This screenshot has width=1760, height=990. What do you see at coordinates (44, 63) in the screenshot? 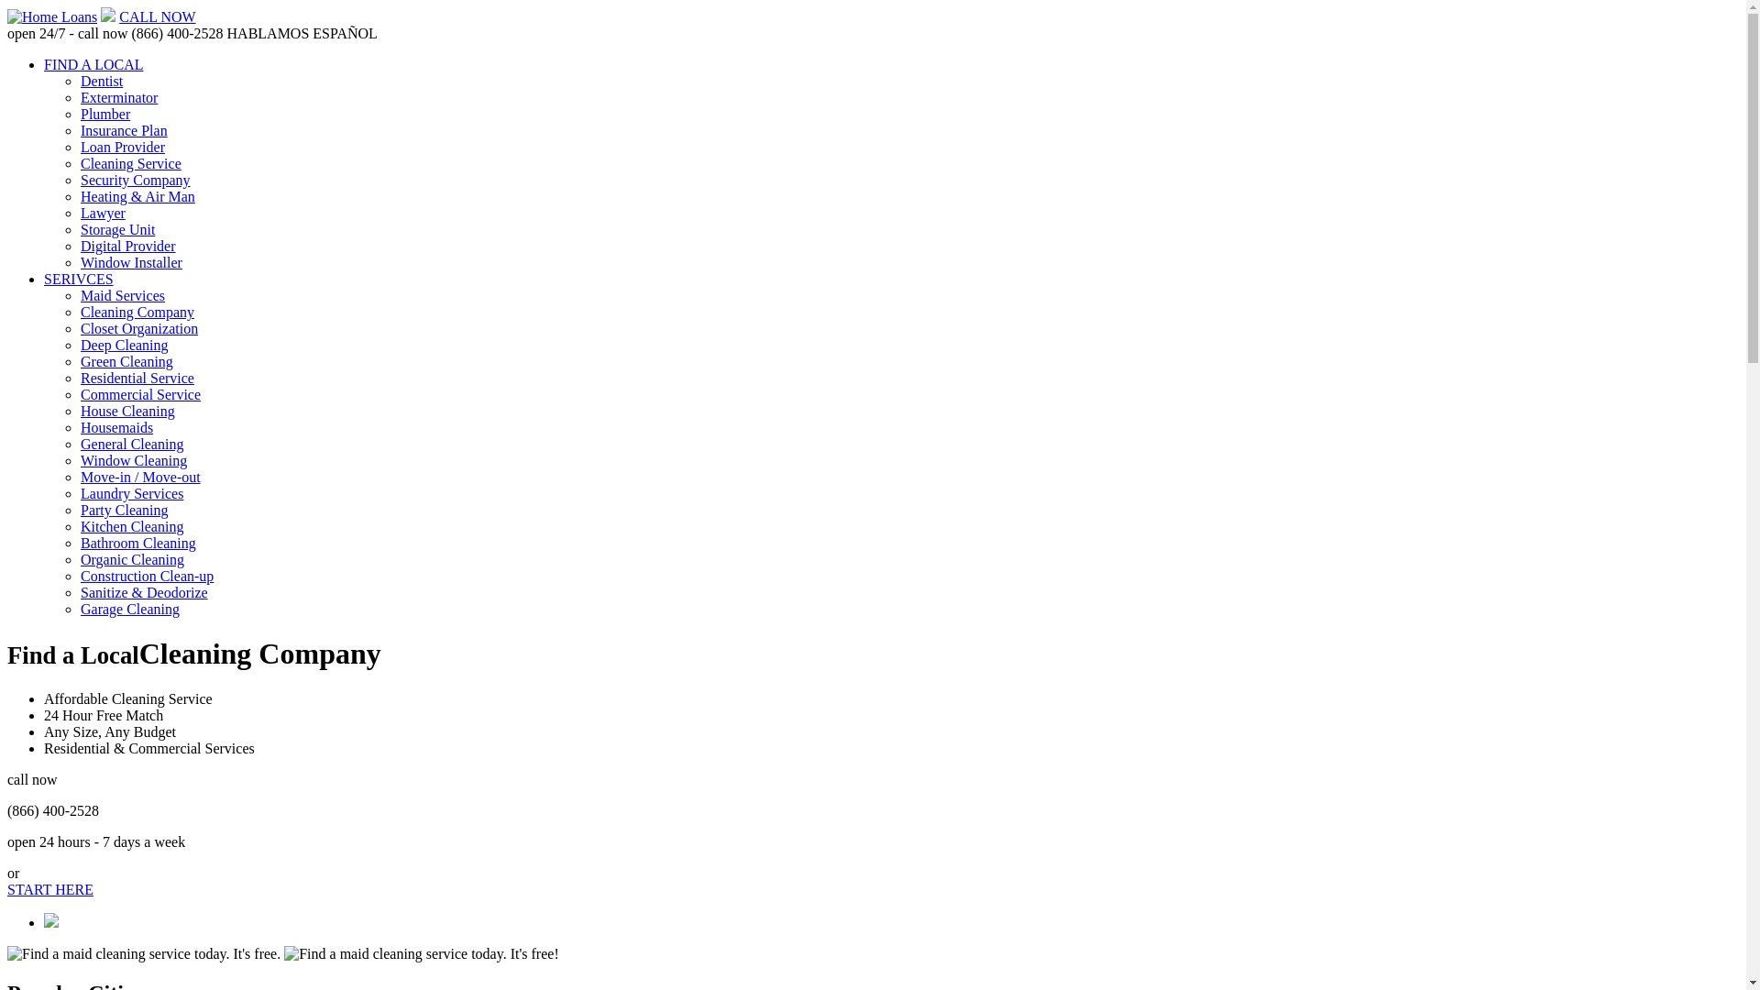
I see `'FIND A LOCAL'` at bounding box center [44, 63].